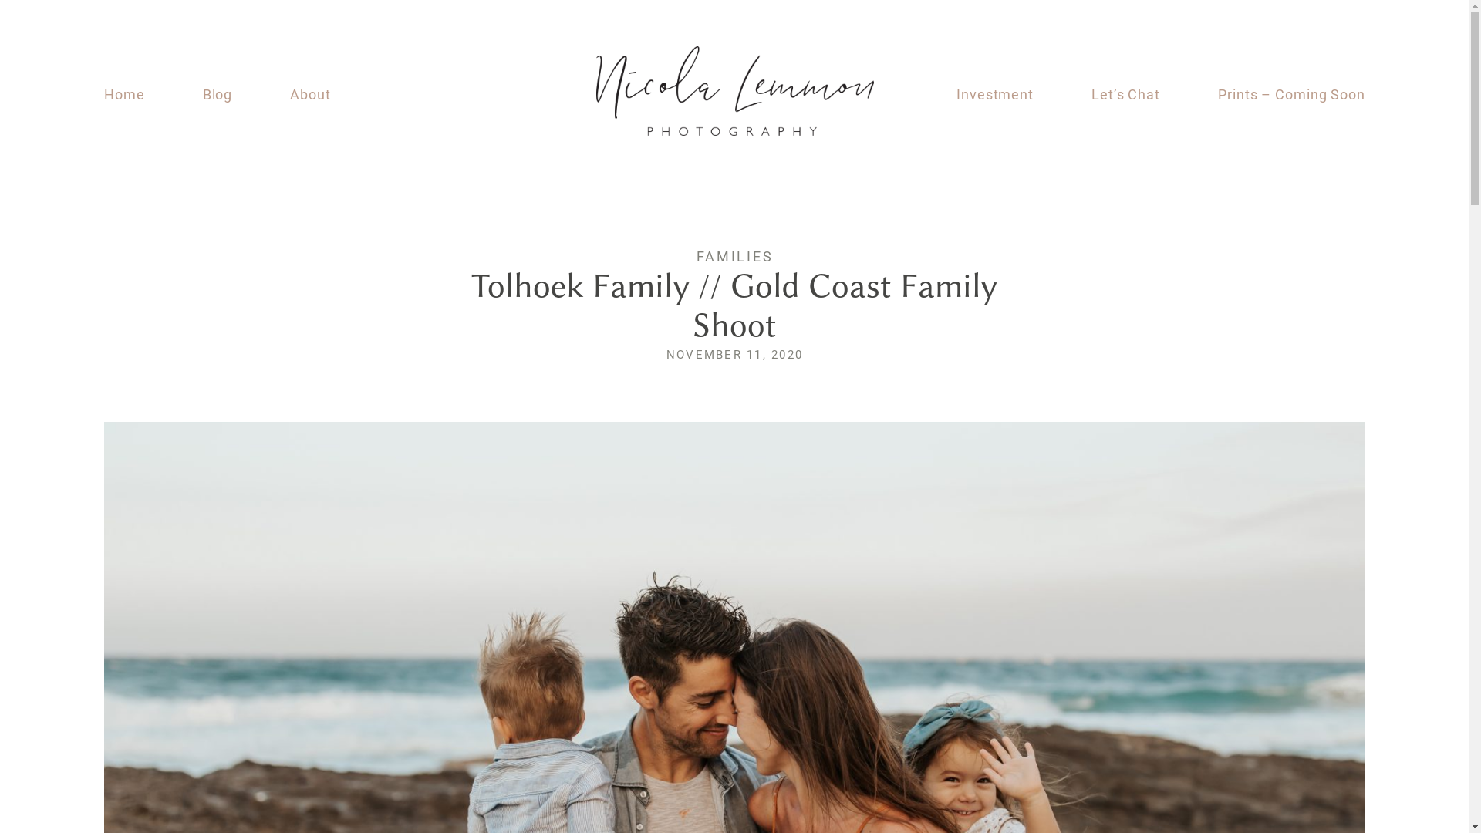 This screenshot has width=1481, height=833. I want to click on 'Investment', so click(995, 95).